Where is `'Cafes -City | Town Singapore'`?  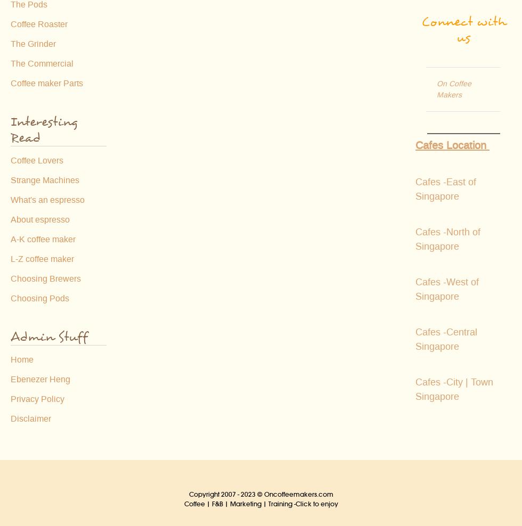
'Cafes -City | Town Singapore' is located at coordinates (454, 389).